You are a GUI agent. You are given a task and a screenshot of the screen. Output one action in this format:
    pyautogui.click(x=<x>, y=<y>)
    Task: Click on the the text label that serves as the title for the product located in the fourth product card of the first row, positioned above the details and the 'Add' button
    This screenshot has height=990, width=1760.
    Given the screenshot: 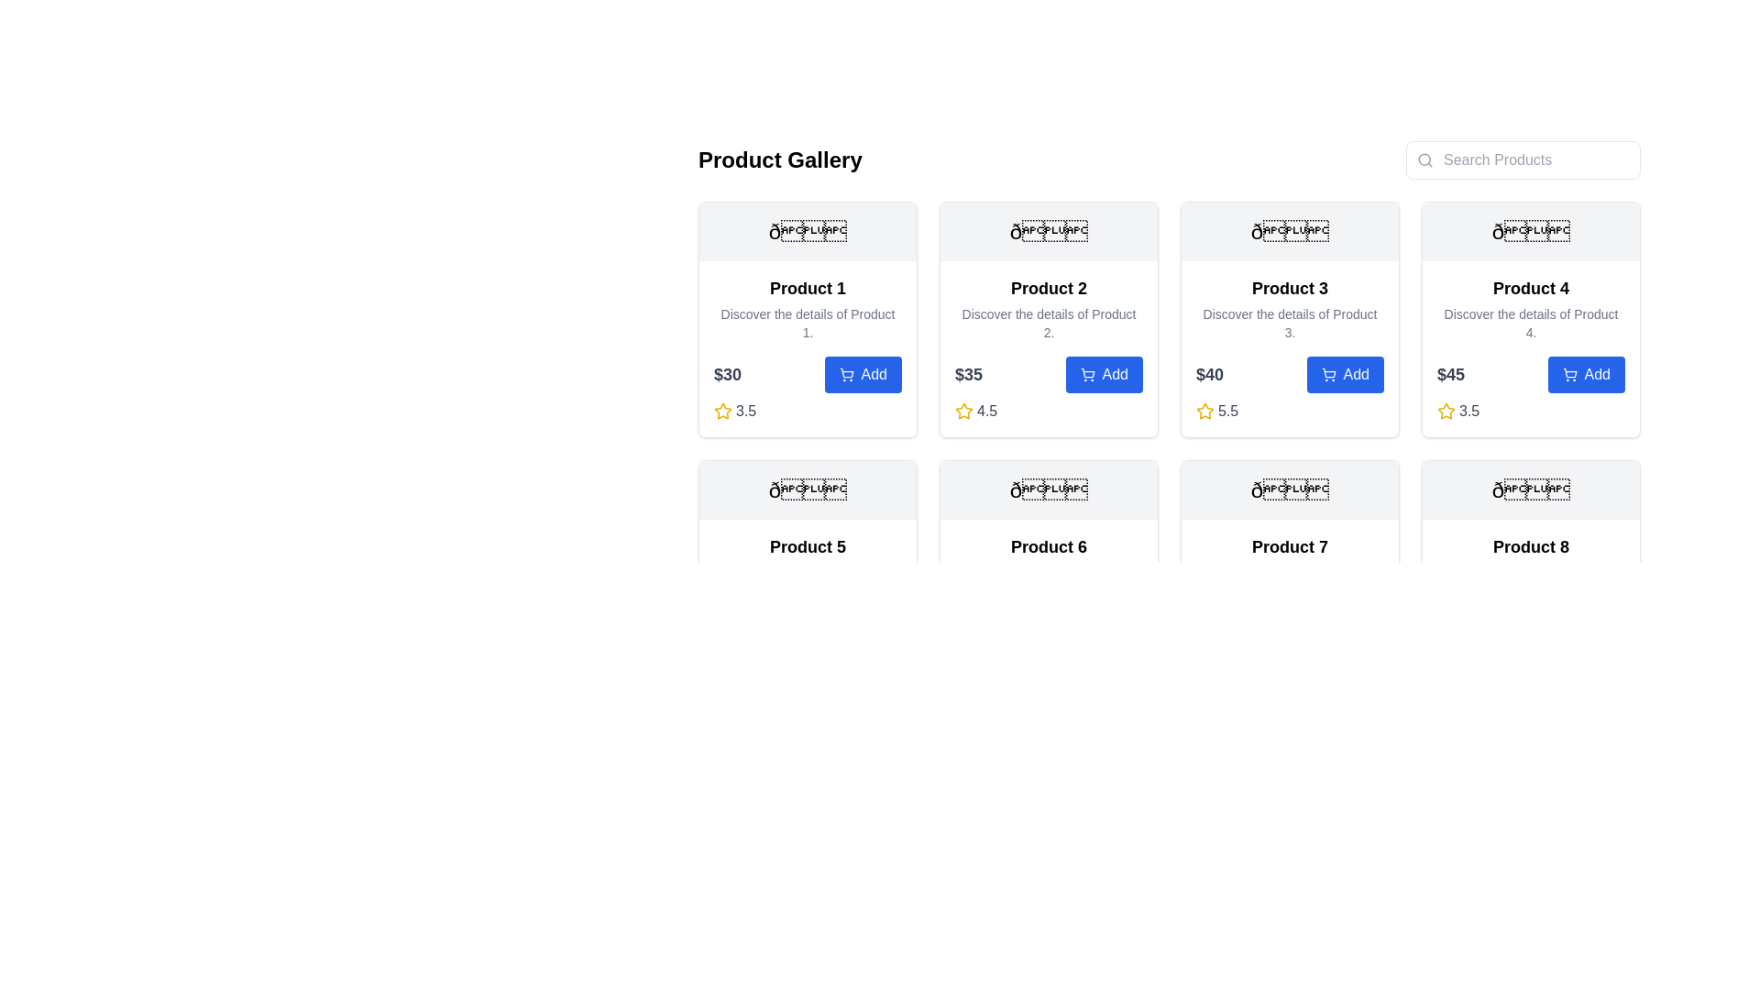 What is the action you would take?
    pyautogui.click(x=1531, y=289)
    